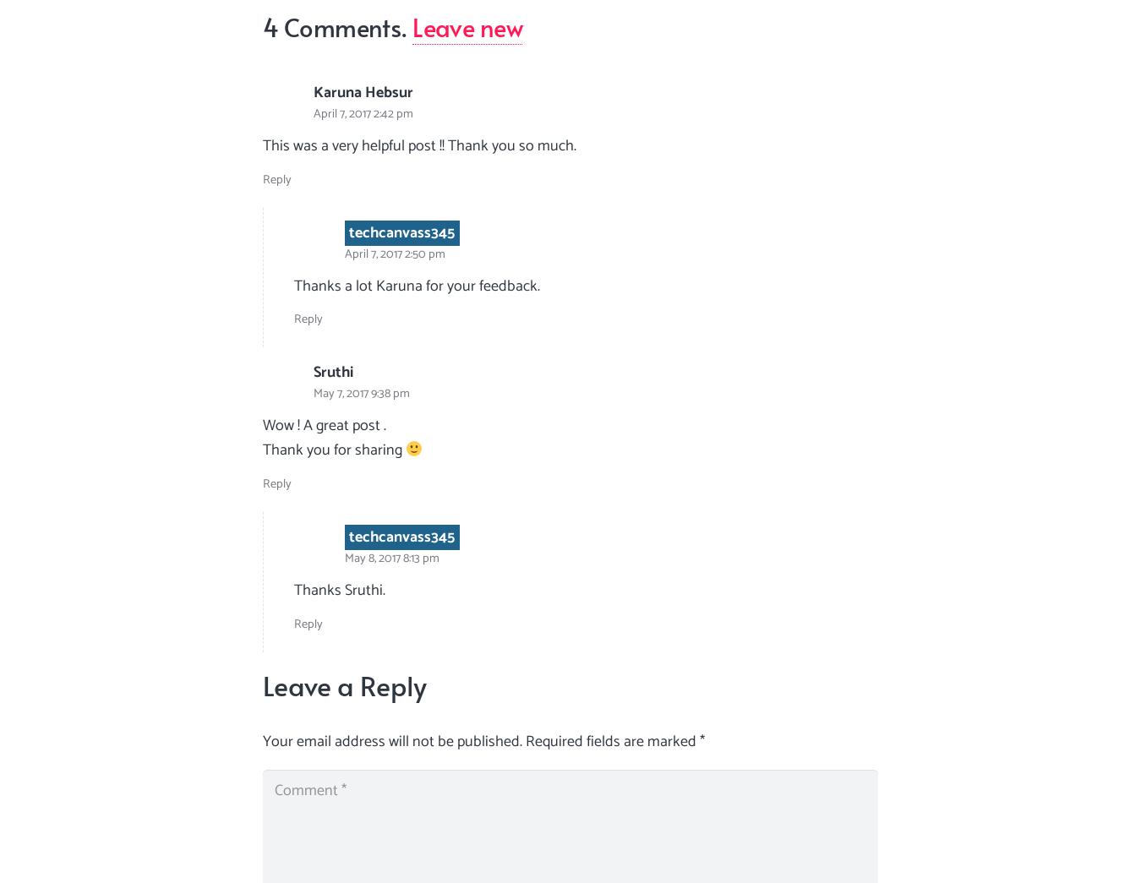 The image size is (1141, 883). I want to click on 'Wow ! A great post .', so click(324, 425).